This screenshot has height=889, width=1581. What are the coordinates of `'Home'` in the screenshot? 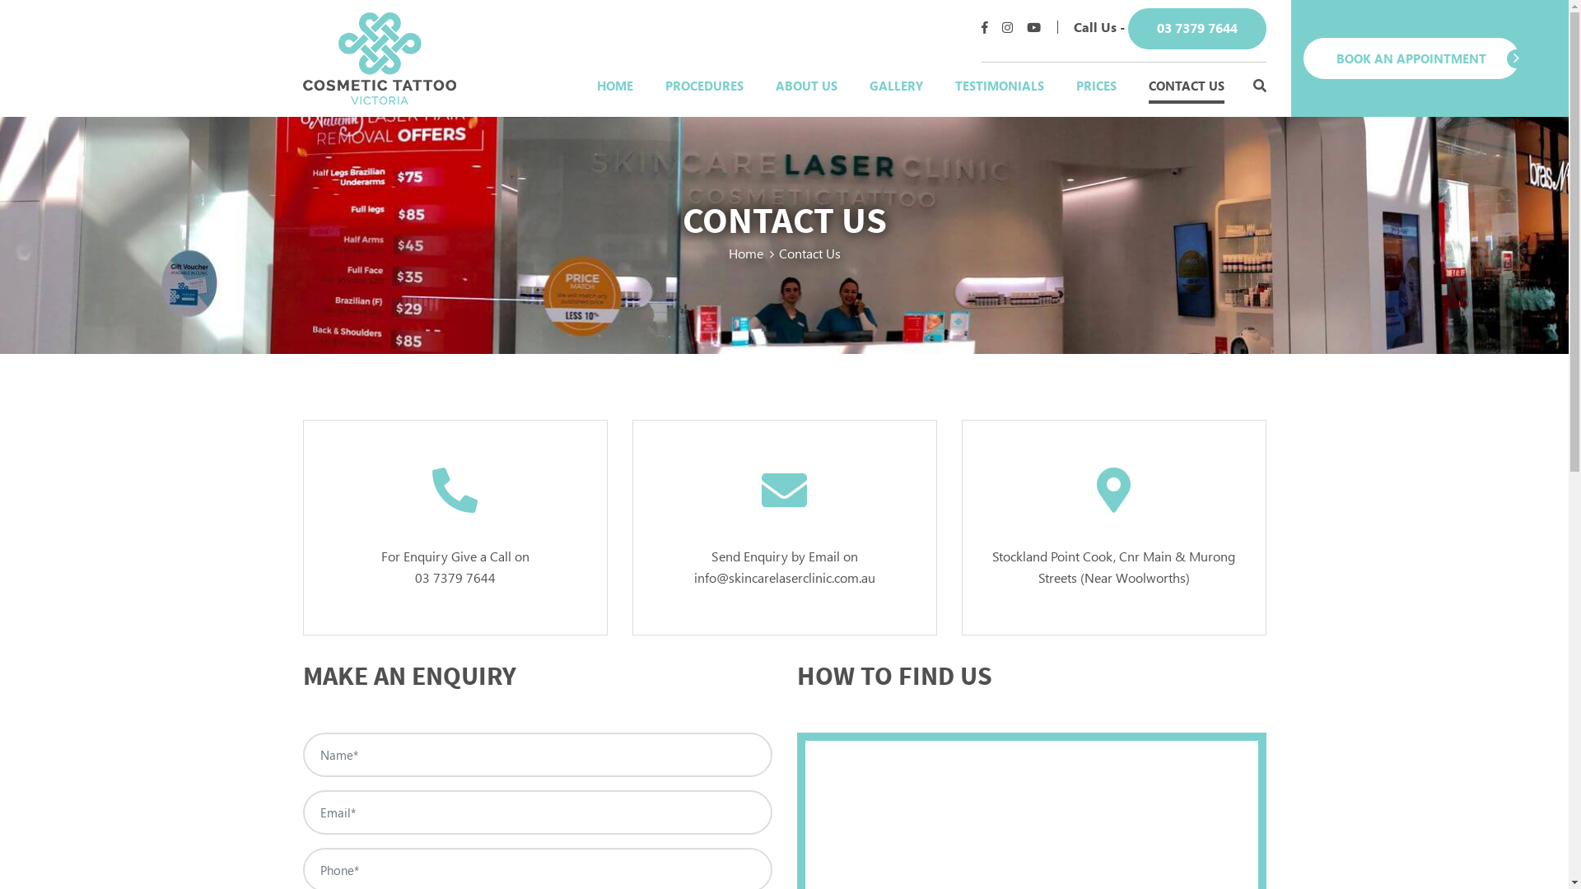 It's located at (744, 253).